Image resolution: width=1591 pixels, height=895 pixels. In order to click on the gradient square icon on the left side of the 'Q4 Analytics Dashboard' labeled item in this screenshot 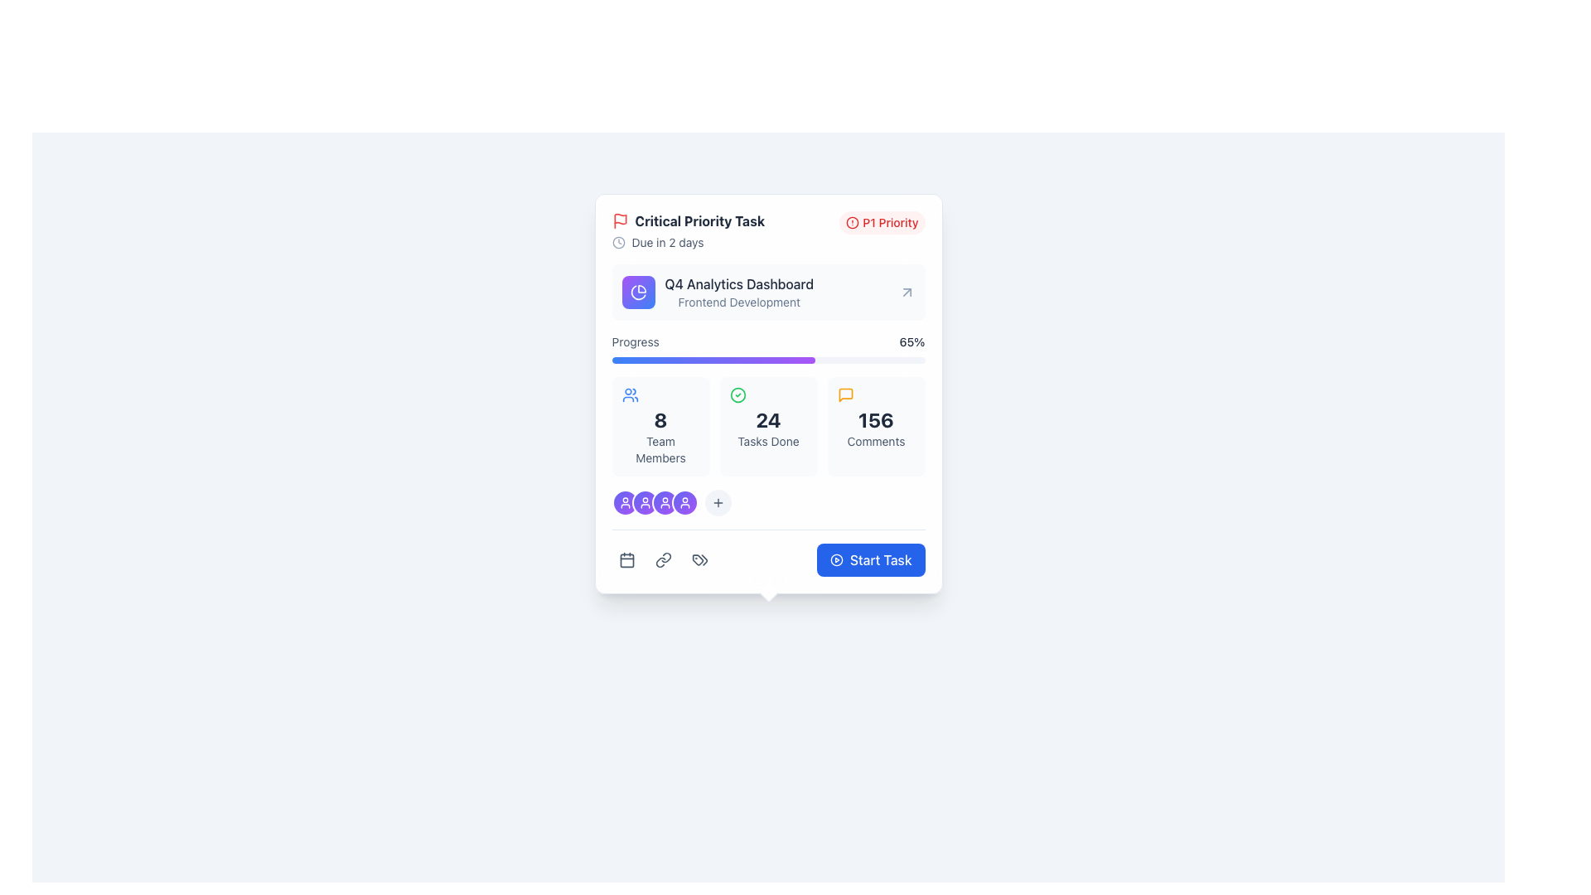, I will do `click(718, 292)`.